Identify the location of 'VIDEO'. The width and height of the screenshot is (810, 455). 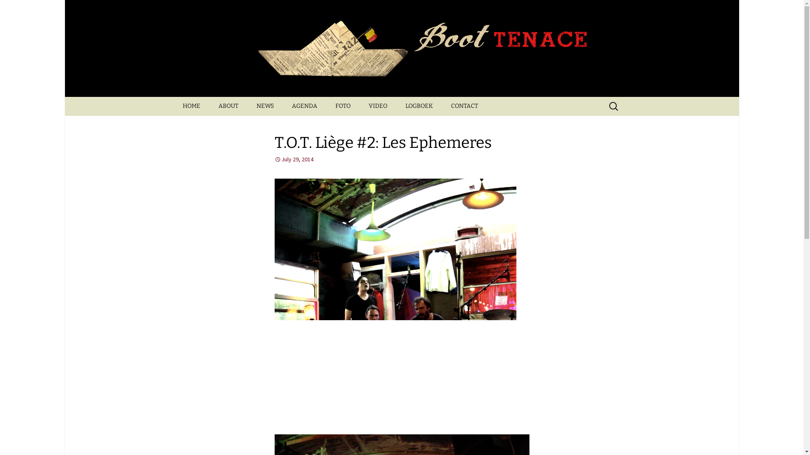
(378, 105).